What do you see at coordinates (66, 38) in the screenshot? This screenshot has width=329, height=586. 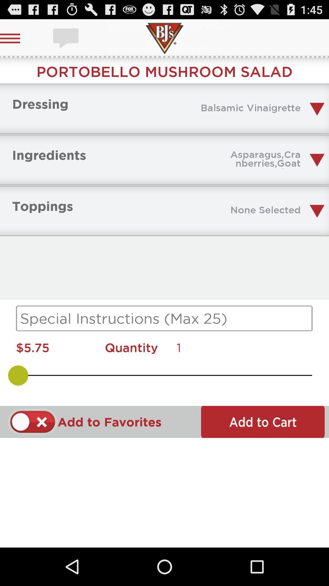 I see `the message icon` at bounding box center [66, 38].